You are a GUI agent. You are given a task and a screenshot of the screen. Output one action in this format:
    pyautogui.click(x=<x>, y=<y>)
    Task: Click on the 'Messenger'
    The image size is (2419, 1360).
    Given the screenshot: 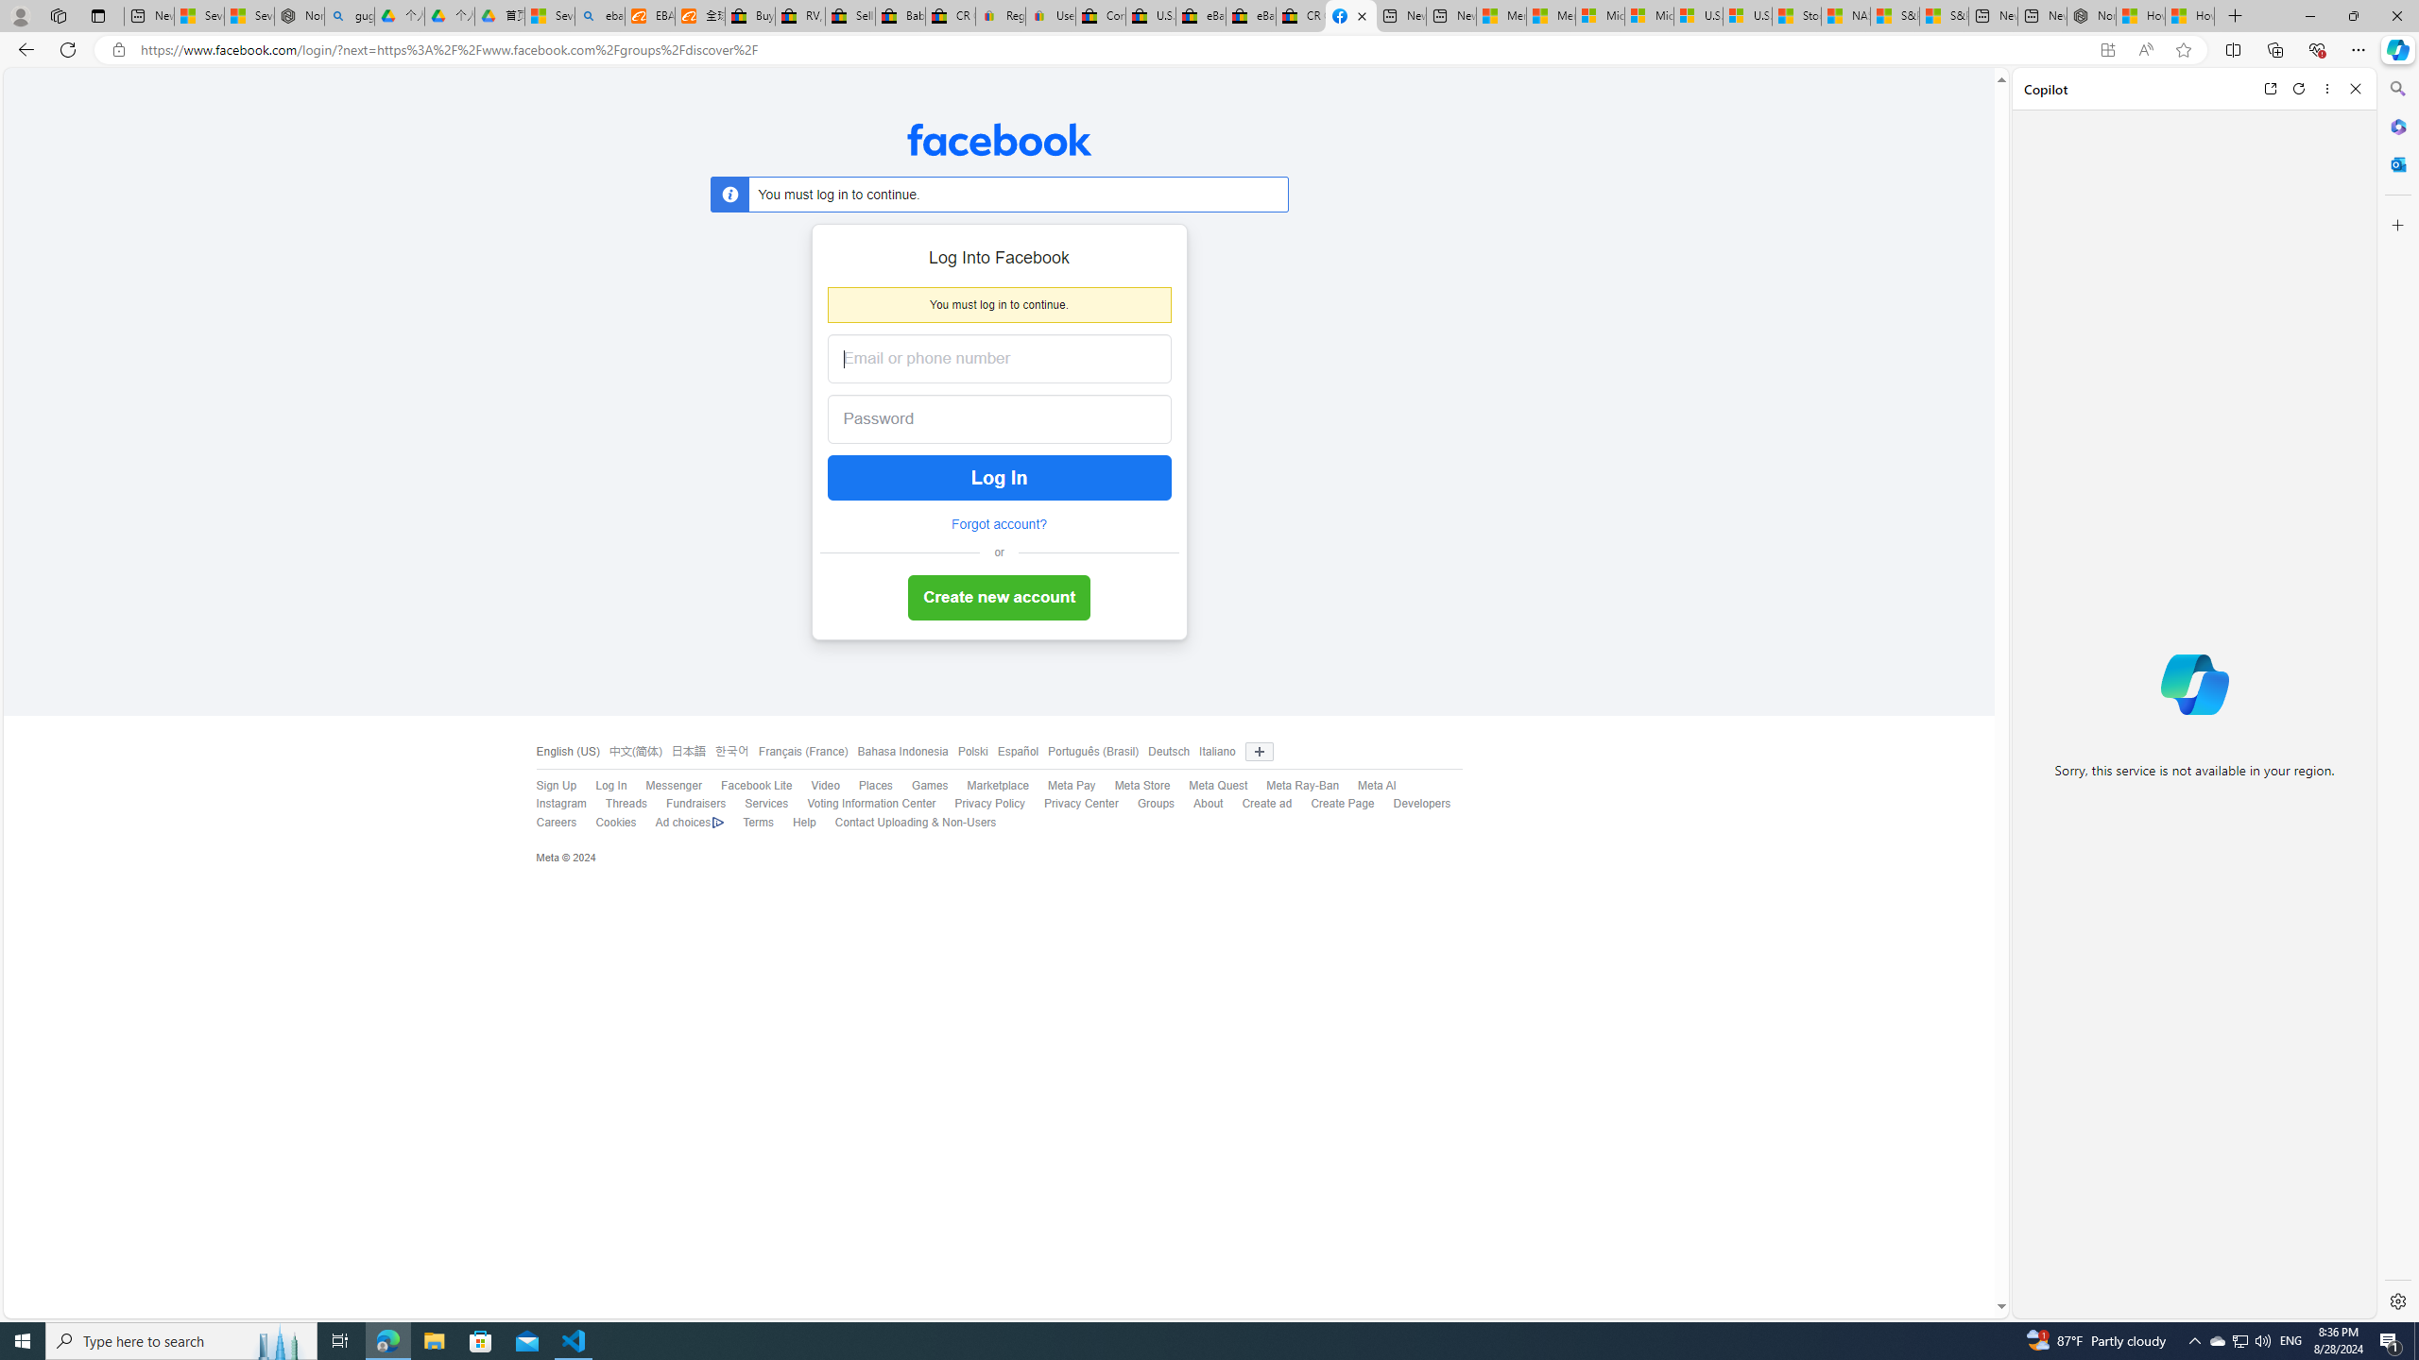 What is the action you would take?
    pyautogui.click(x=673, y=785)
    